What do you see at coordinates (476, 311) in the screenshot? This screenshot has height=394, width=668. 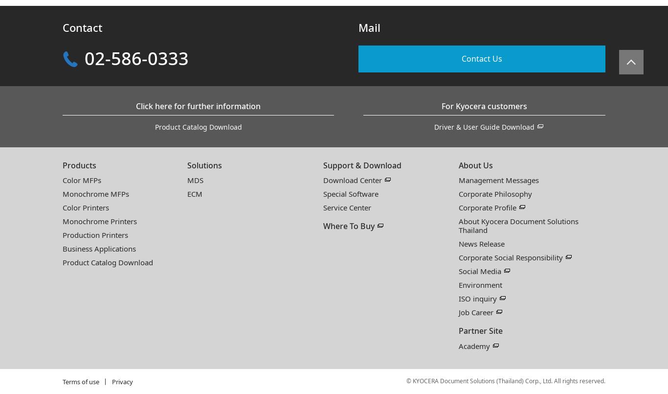 I see `'Job Career'` at bounding box center [476, 311].